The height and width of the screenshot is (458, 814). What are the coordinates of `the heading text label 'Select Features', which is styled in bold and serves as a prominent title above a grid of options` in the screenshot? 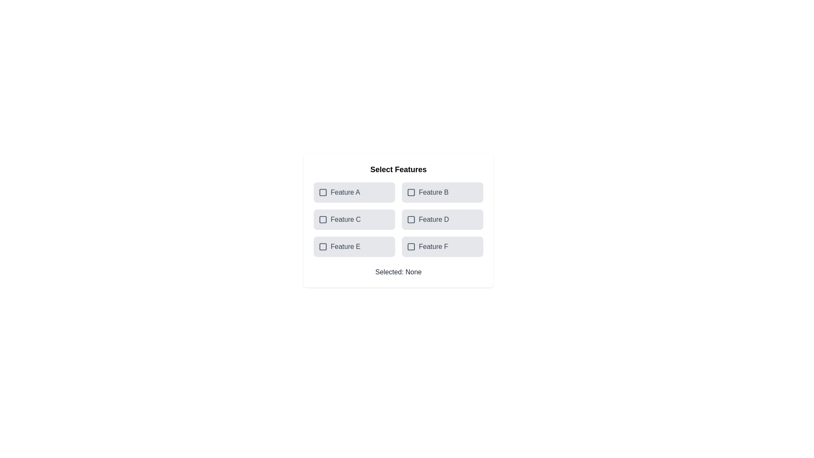 It's located at (398, 170).